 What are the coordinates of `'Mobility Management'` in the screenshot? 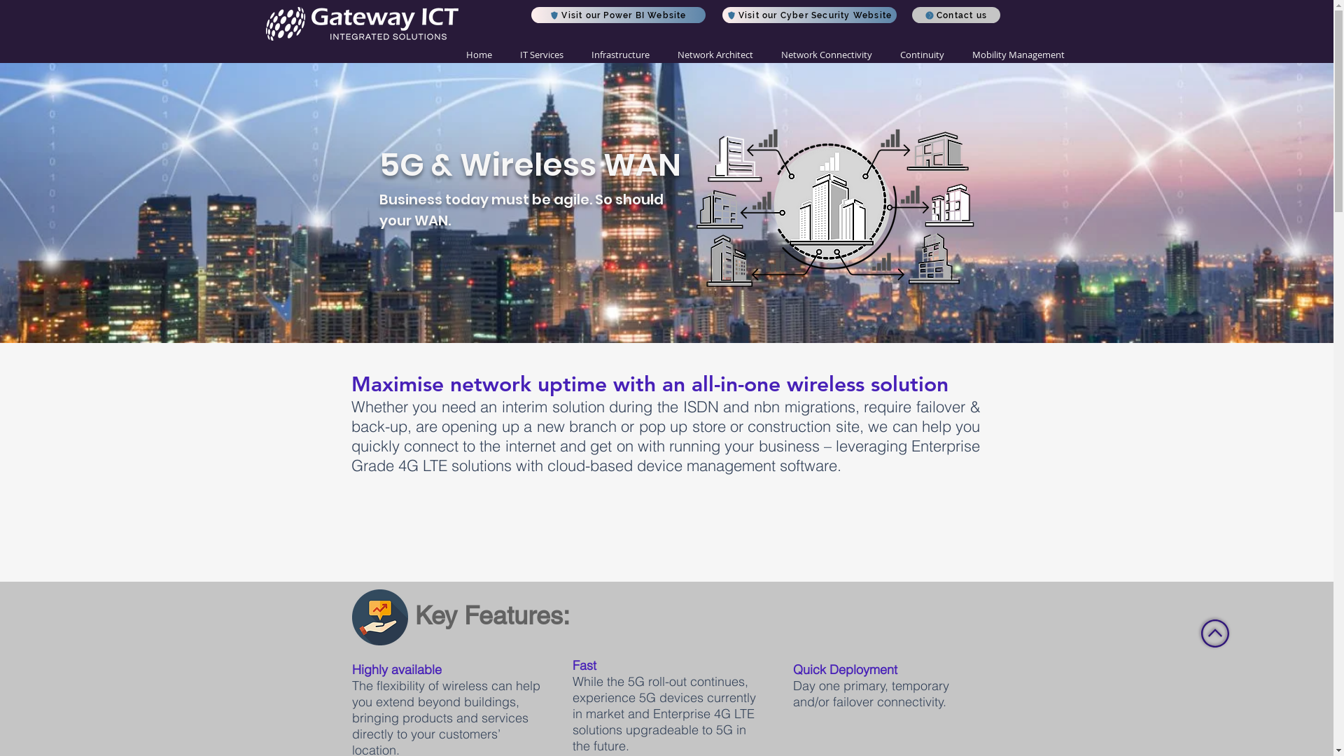 It's located at (957, 54).